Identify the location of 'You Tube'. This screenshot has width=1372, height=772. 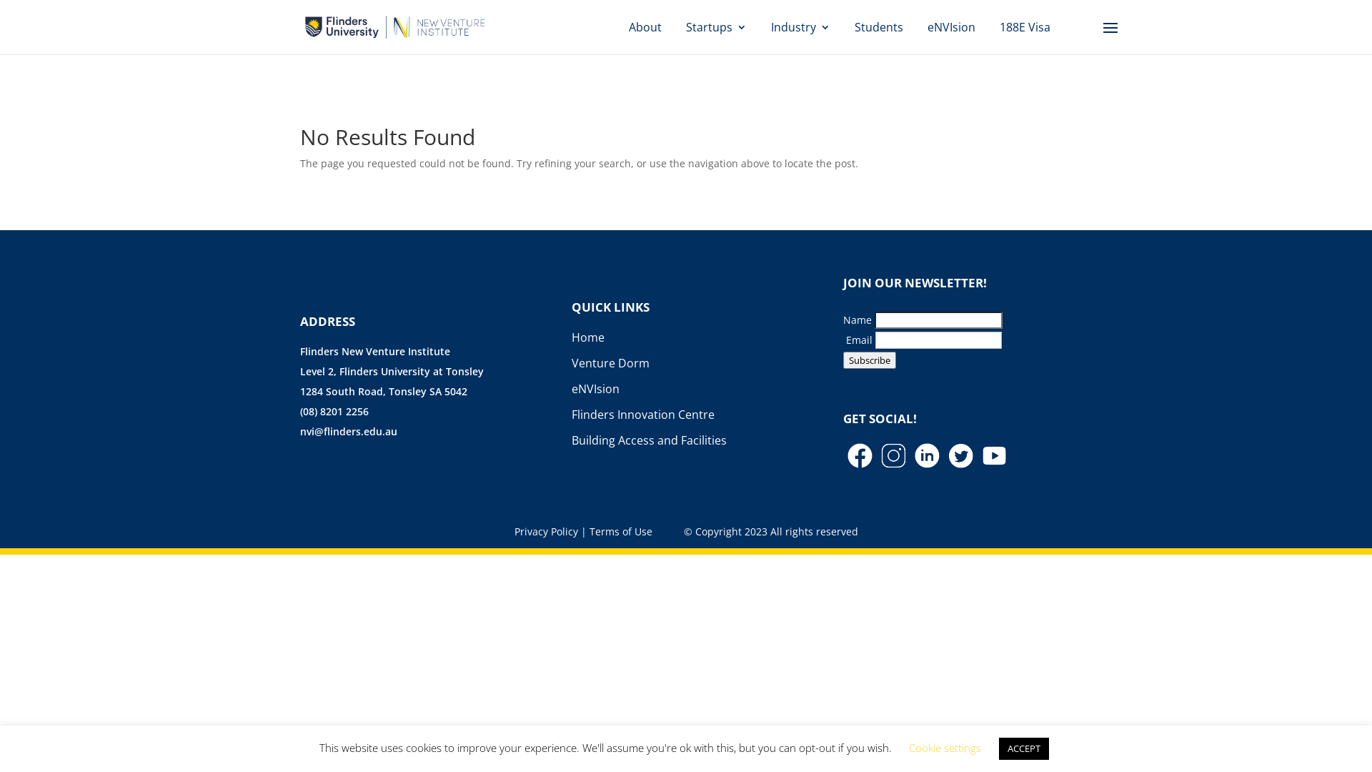
(993, 455).